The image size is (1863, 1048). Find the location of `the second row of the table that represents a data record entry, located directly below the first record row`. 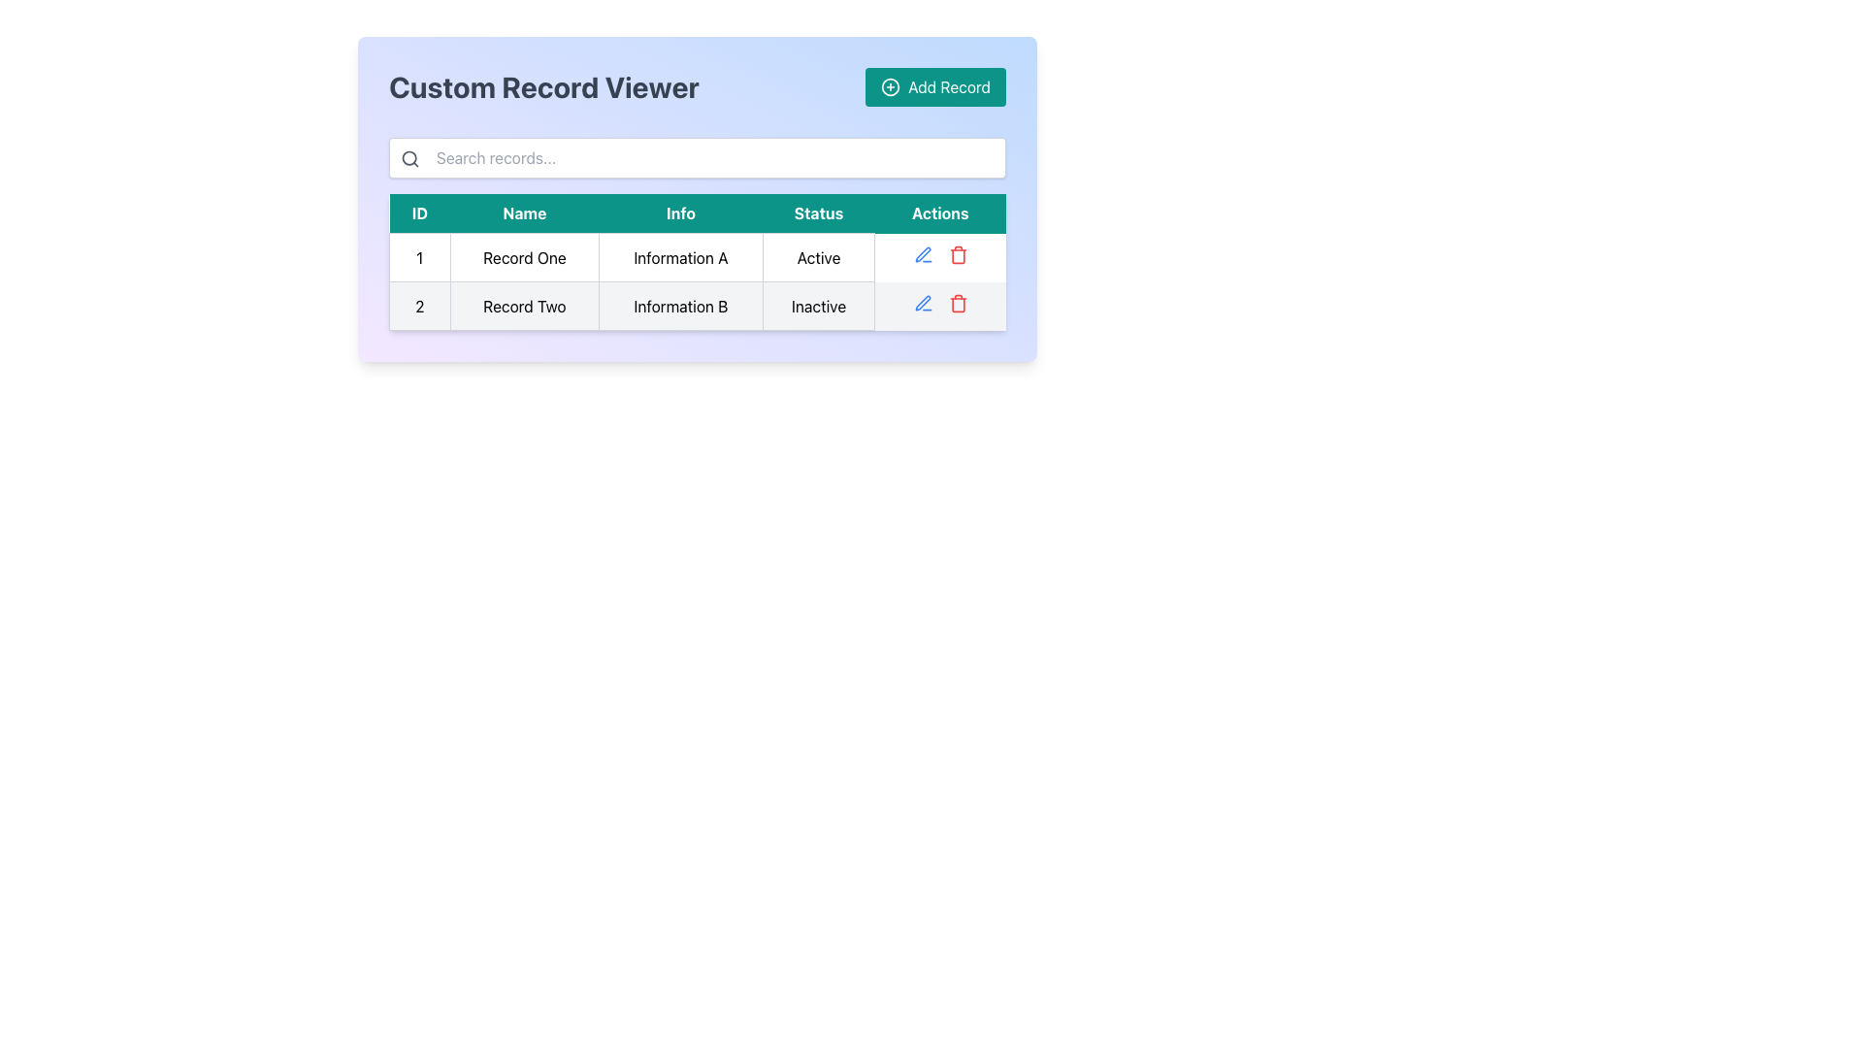

the second row of the table that represents a data record entry, located directly below the first record row is located at coordinates (698, 306).